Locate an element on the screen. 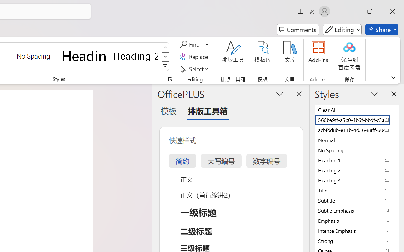 The width and height of the screenshot is (404, 252). 'Row up' is located at coordinates (165, 47).